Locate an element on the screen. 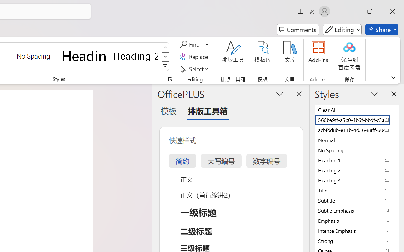 The width and height of the screenshot is (404, 252). 'Row up' is located at coordinates (165, 47).